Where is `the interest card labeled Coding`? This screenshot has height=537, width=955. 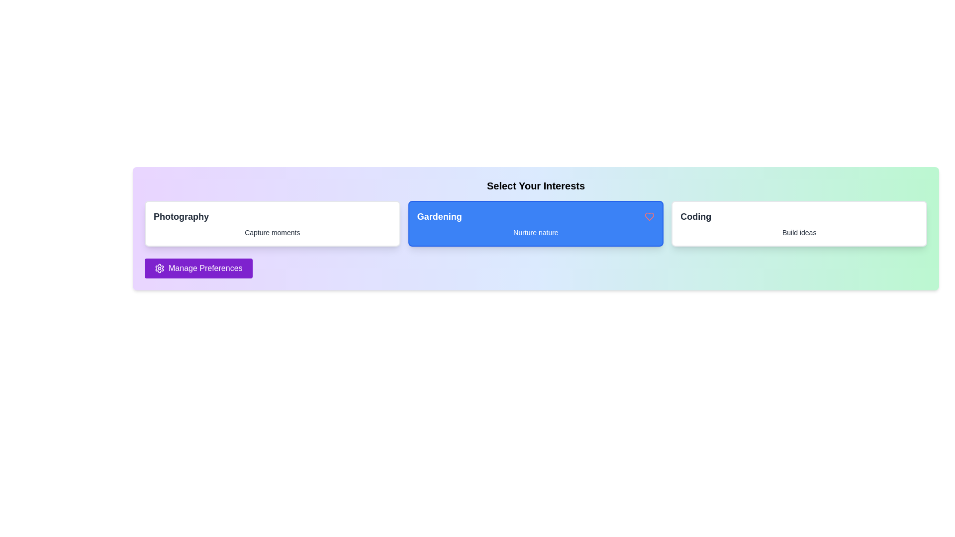
the interest card labeled Coding is located at coordinates (799, 224).